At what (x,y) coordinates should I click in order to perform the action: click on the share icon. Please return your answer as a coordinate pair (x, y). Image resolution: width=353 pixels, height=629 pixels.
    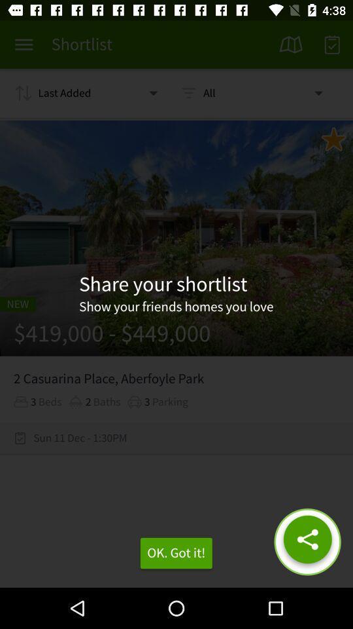
    Looking at the image, I should click on (307, 542).